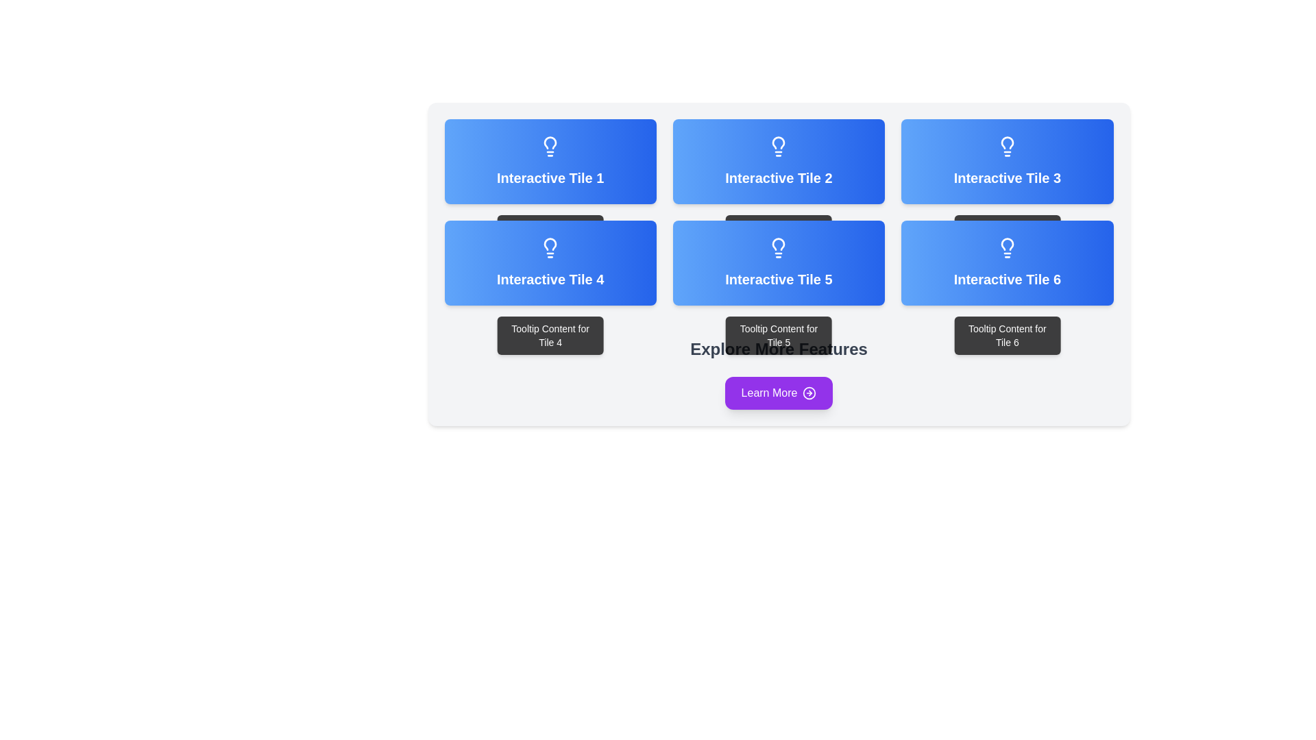  Describe the element at coordinates (550, 160) in the screenshot. I see `the button-like tile labeled 'Interactive Tile 1', which is a rectangular tile with a gradient background from blue to purple and a centered light bulb icon` at that location.